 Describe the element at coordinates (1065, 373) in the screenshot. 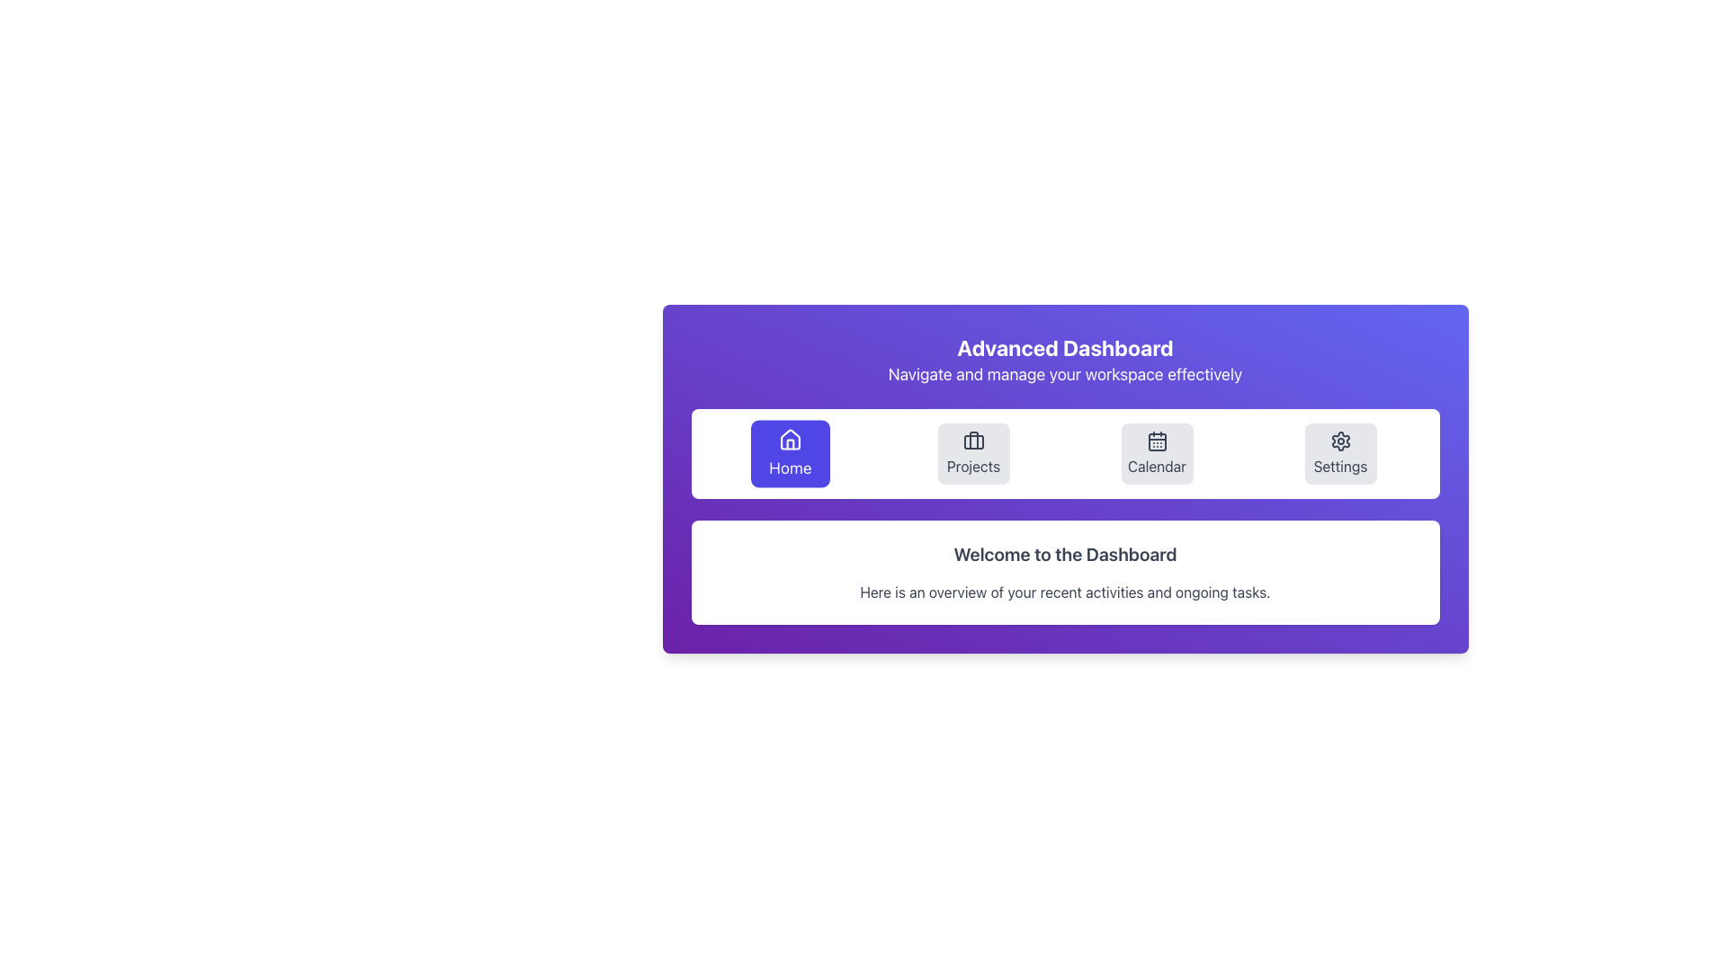

I see `the text label displaying 'Navigate and manage your workspace effectively', which is located below the 'Advanced Dashboard' title in the header area` at that location.